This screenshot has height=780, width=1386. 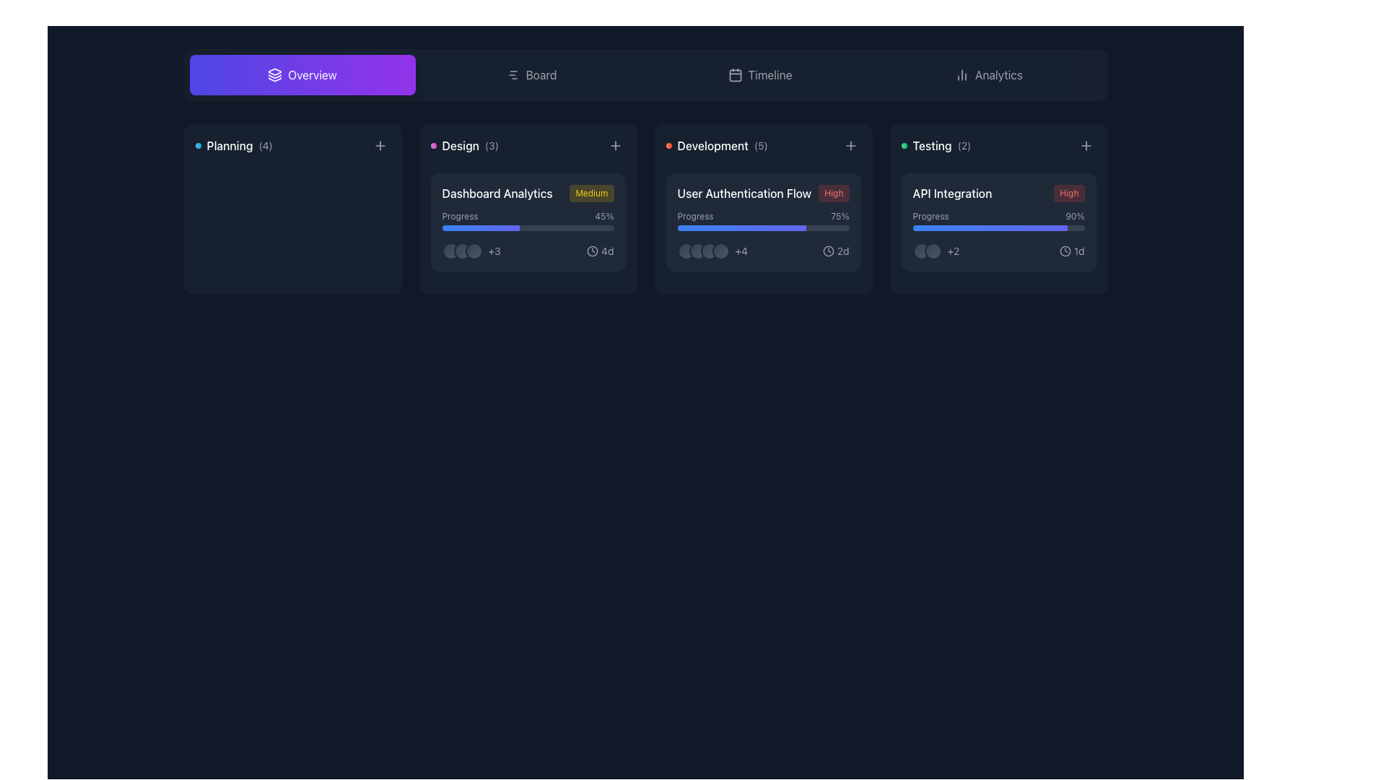 I want to click on the icon located in the top navigation section, which complements the 'Overview' label and suggests a summarized view, so click(x=275, y=75).